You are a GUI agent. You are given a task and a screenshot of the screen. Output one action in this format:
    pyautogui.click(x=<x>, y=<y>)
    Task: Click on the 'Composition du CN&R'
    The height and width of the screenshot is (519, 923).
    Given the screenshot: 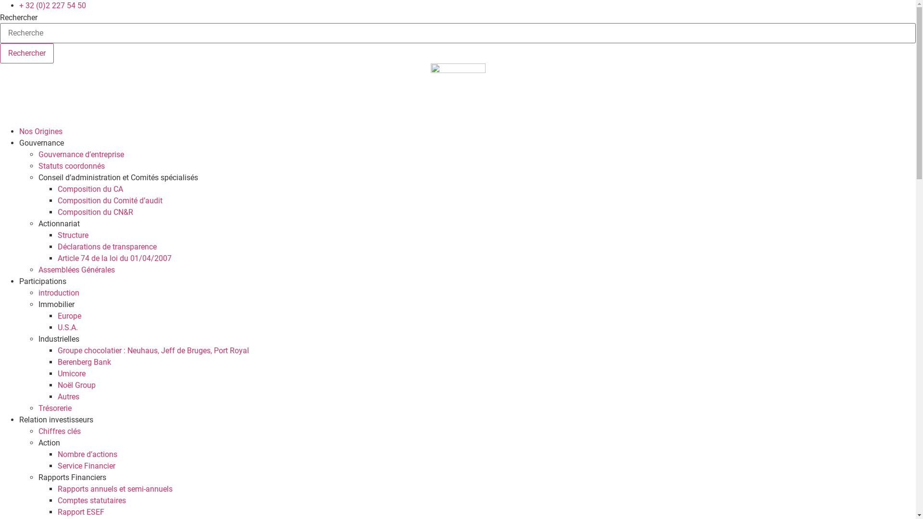 What is the action you would take?
    pyautogui.click(x=57, y=211)
    